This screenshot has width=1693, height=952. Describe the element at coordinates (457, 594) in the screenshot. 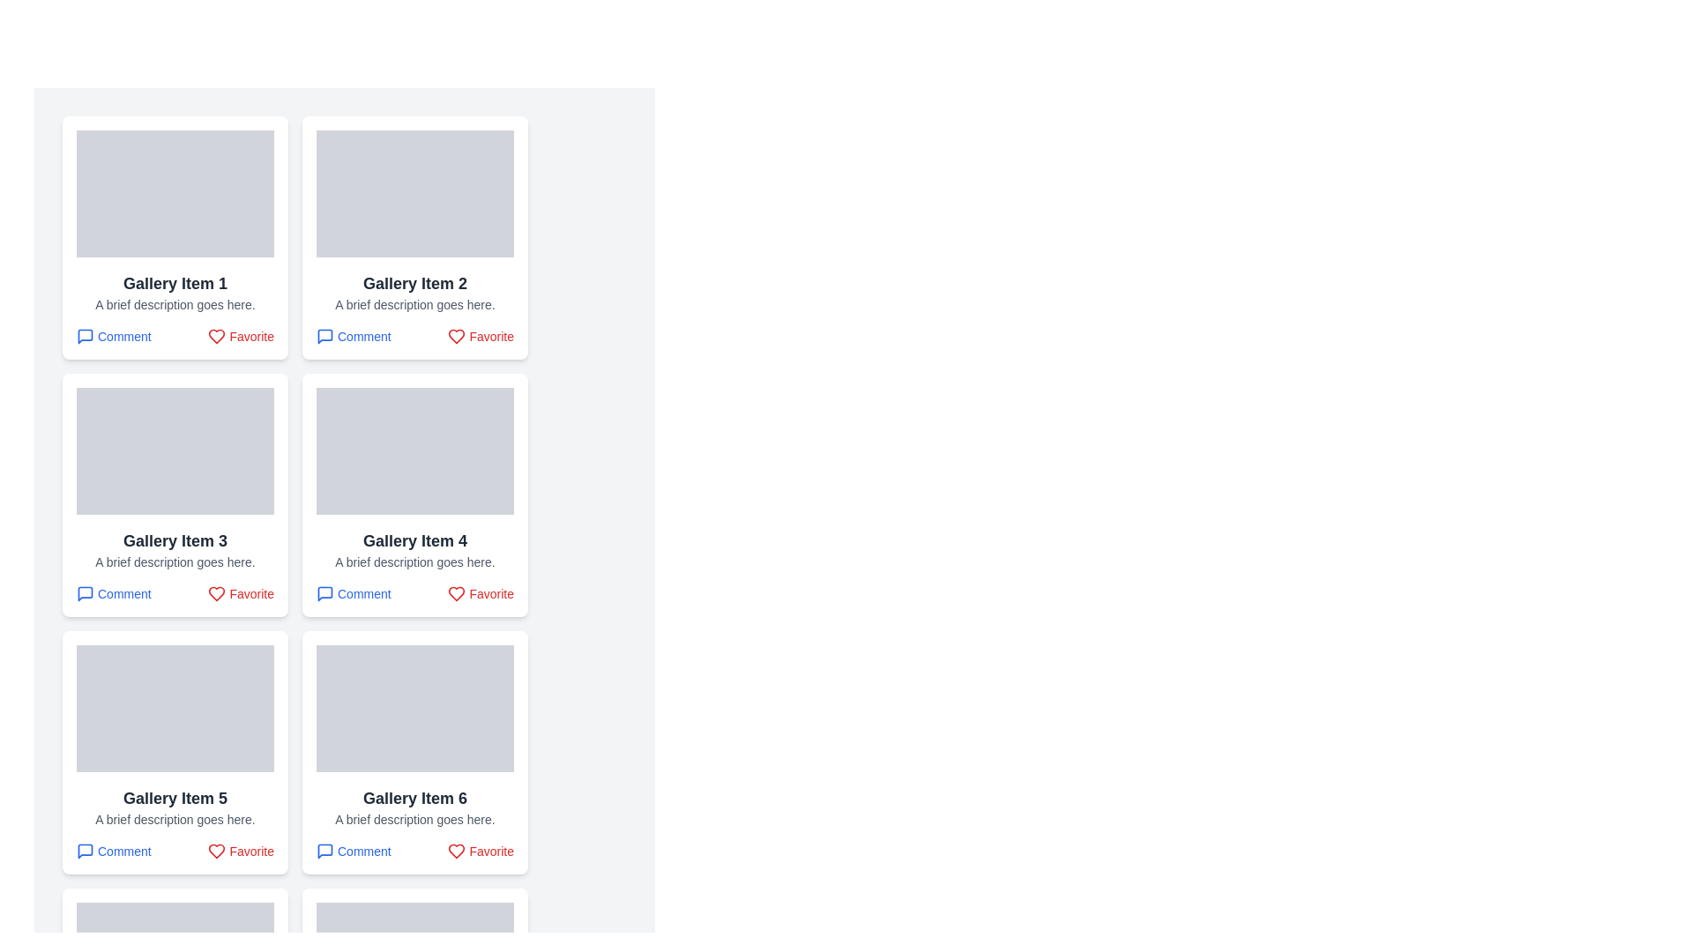

I see `the heart-shaped icon button located in the lower-right corner of the fourth content card` at that location.